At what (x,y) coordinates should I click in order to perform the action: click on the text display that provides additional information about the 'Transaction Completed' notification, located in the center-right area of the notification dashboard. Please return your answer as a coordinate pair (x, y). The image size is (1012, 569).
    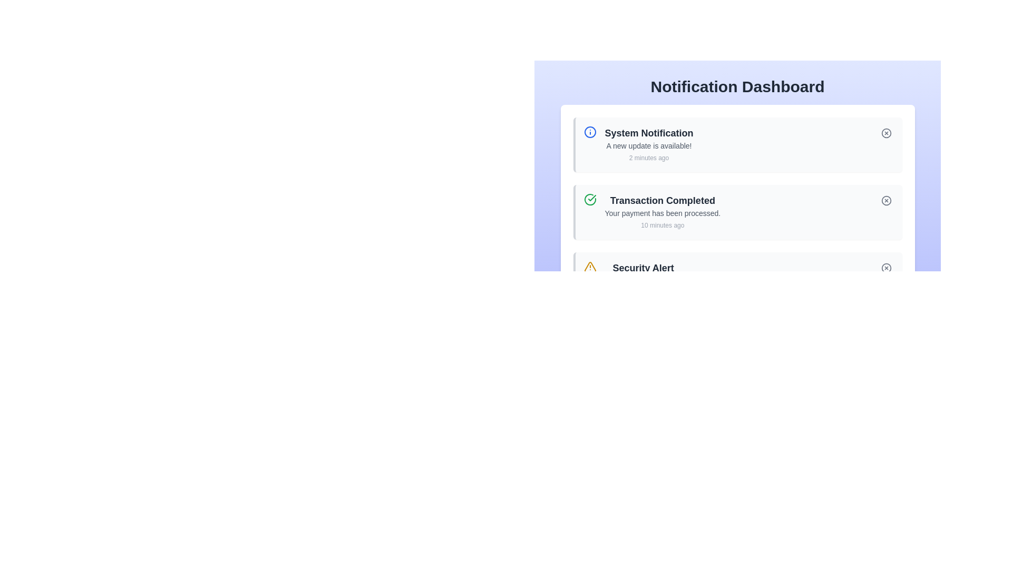
    Looking at the image, I should click on (662, 213).